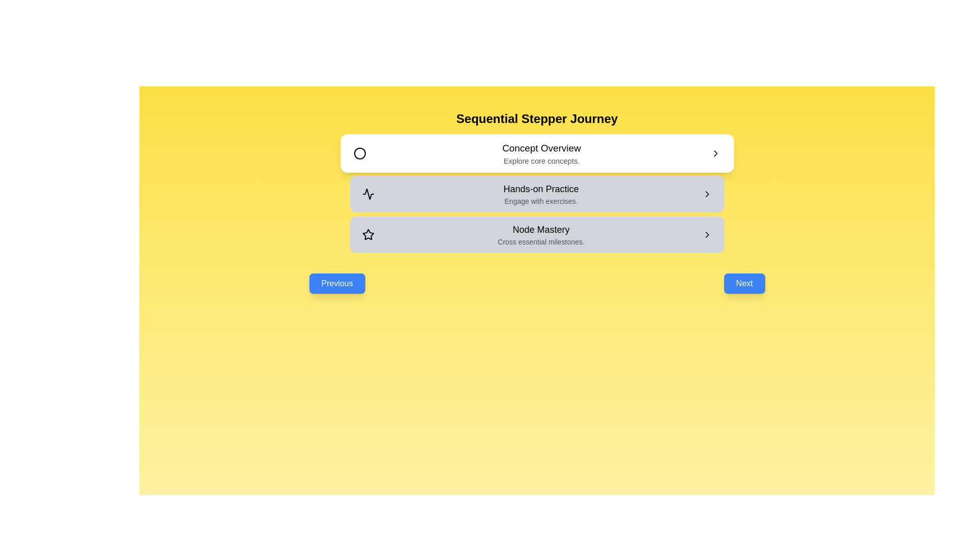 The image size is (977, 549). Describe the element at coordinates (744, 284) in the screenshot. I see `the 'Next' button to proceed to the next stage` at that location.